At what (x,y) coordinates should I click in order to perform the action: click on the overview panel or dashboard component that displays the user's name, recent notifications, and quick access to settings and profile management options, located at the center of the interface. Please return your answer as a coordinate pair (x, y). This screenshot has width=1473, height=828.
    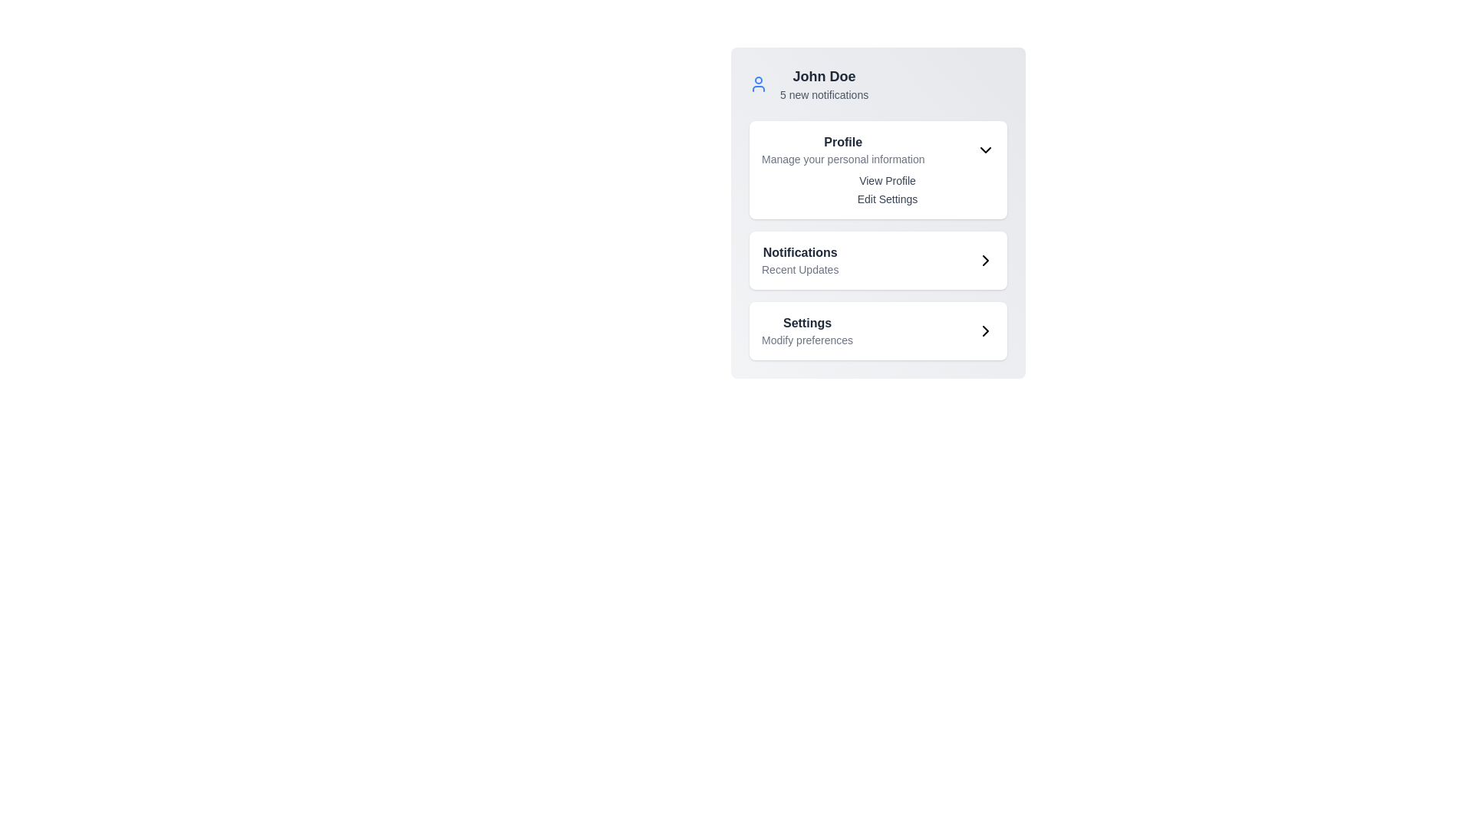
    Looking at the image, I should click on (878, 212).